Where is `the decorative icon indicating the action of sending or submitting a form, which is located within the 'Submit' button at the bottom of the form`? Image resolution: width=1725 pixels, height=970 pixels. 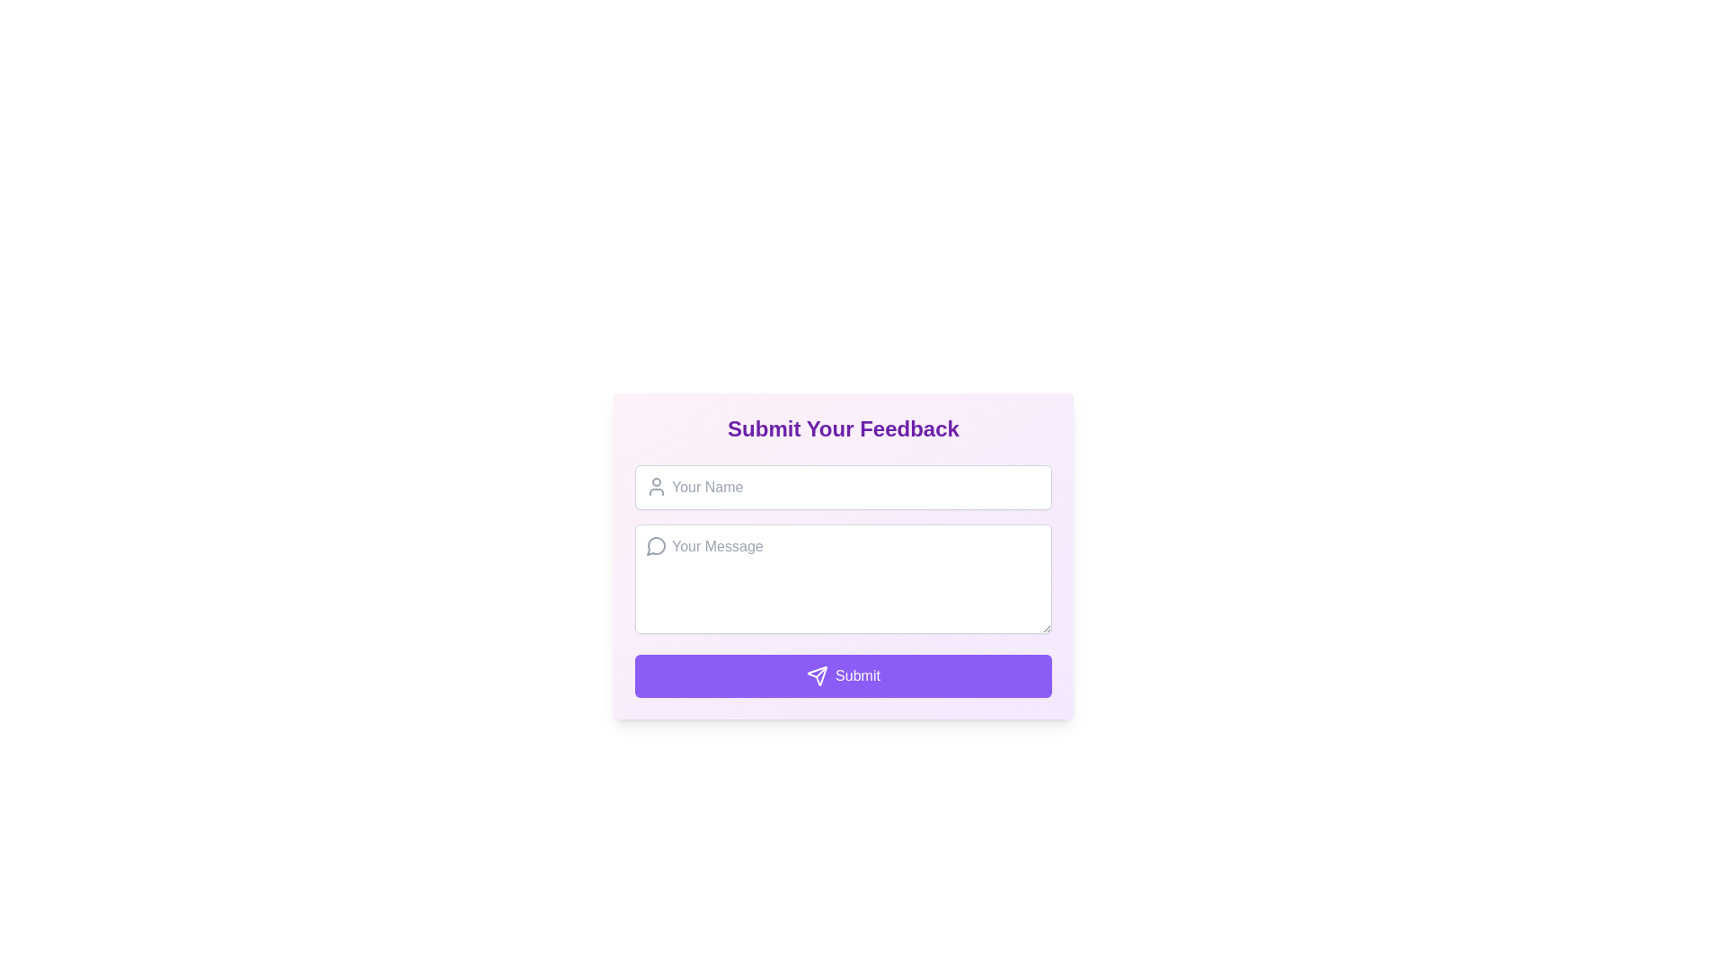 the decorative icon indicating the action of sending or submitting a form, which is located within the 'Submit' button at the bottom of the form is located at coordinates (817, 675).